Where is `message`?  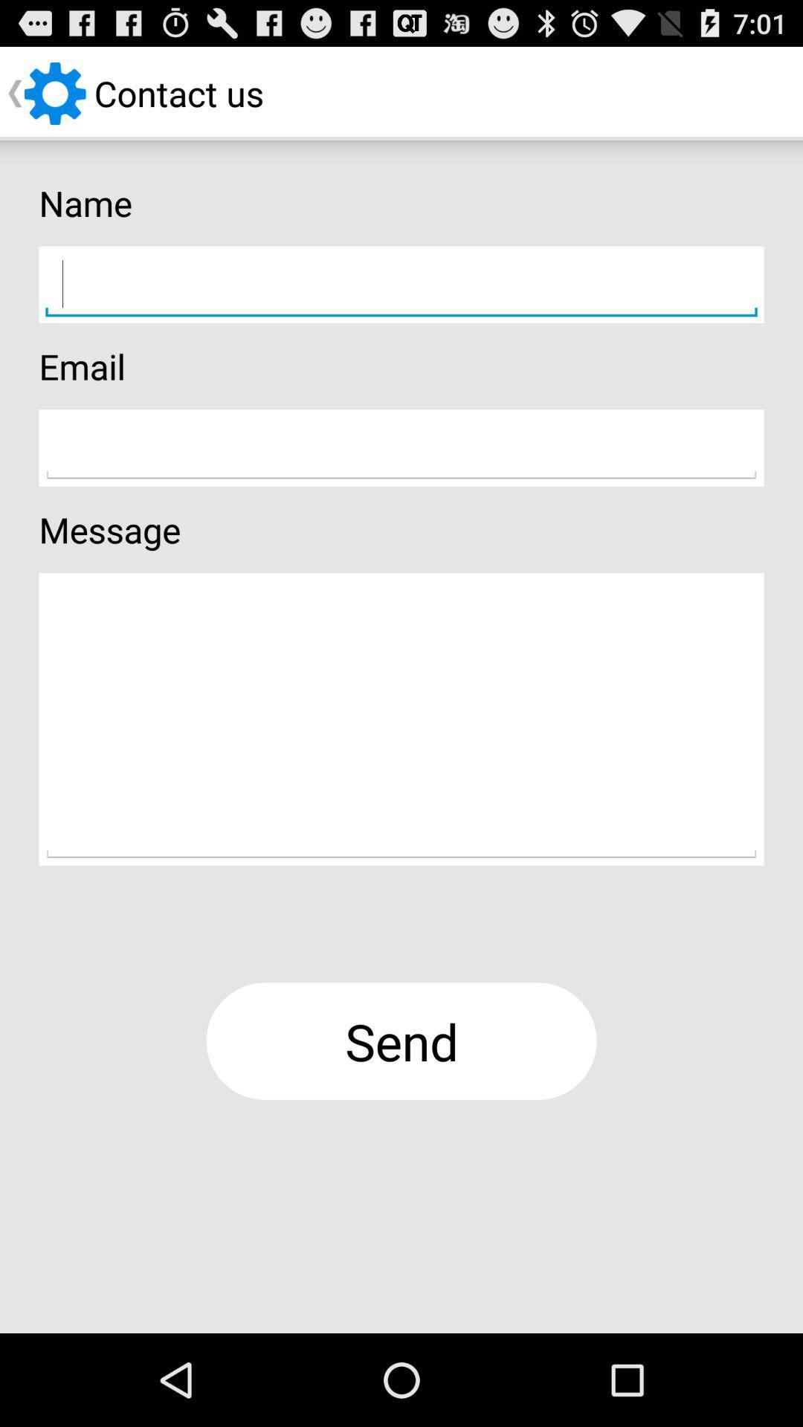
message is located at coordinates (401, 719).